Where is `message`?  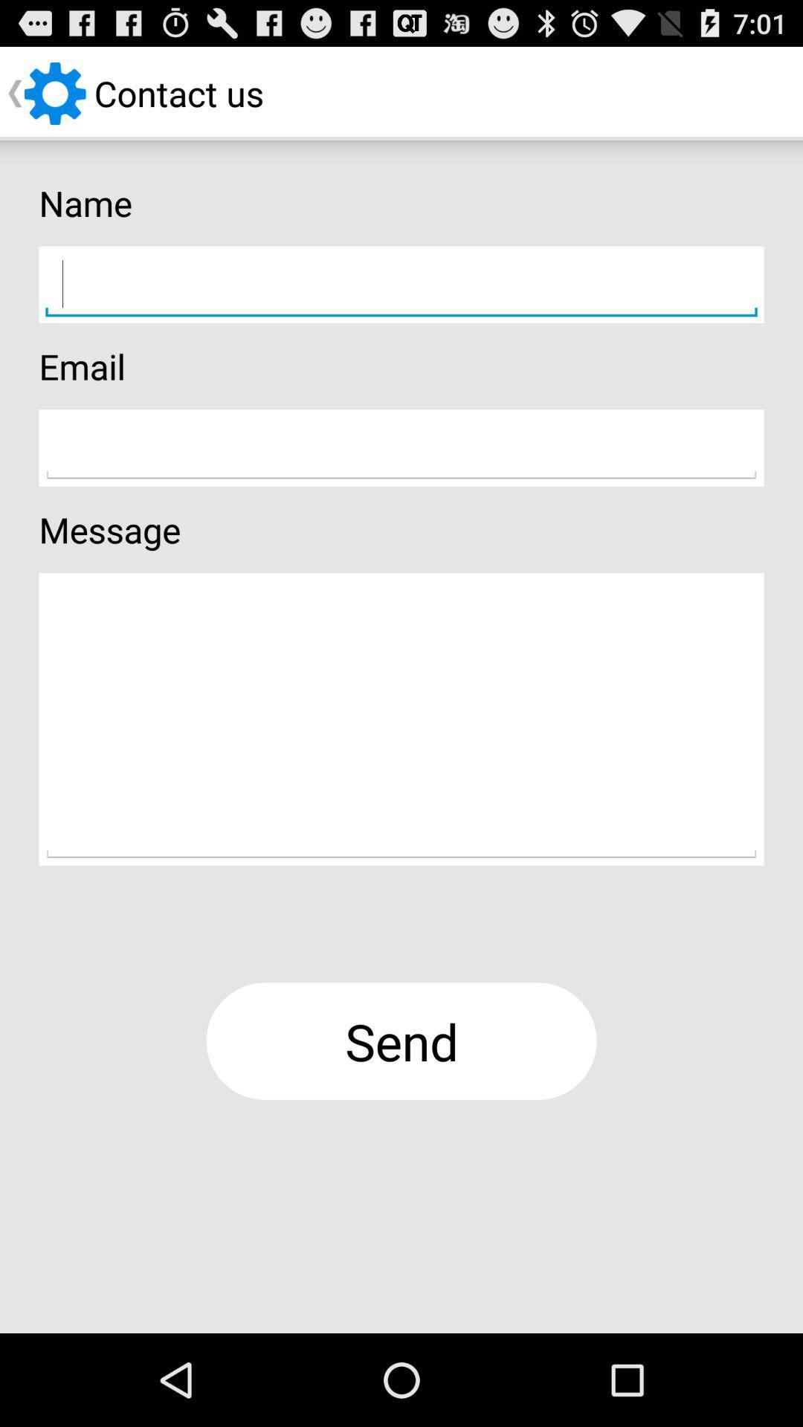
message is located at coordinates (401, 719).